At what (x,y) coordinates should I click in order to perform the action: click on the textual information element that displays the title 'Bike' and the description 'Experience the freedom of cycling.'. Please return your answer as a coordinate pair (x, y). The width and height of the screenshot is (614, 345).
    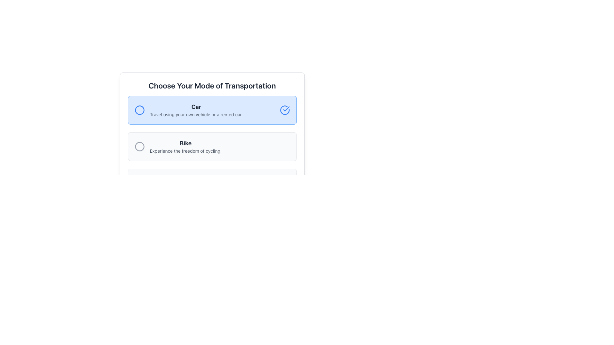
    Looking at the image, I should click on (185, 147).